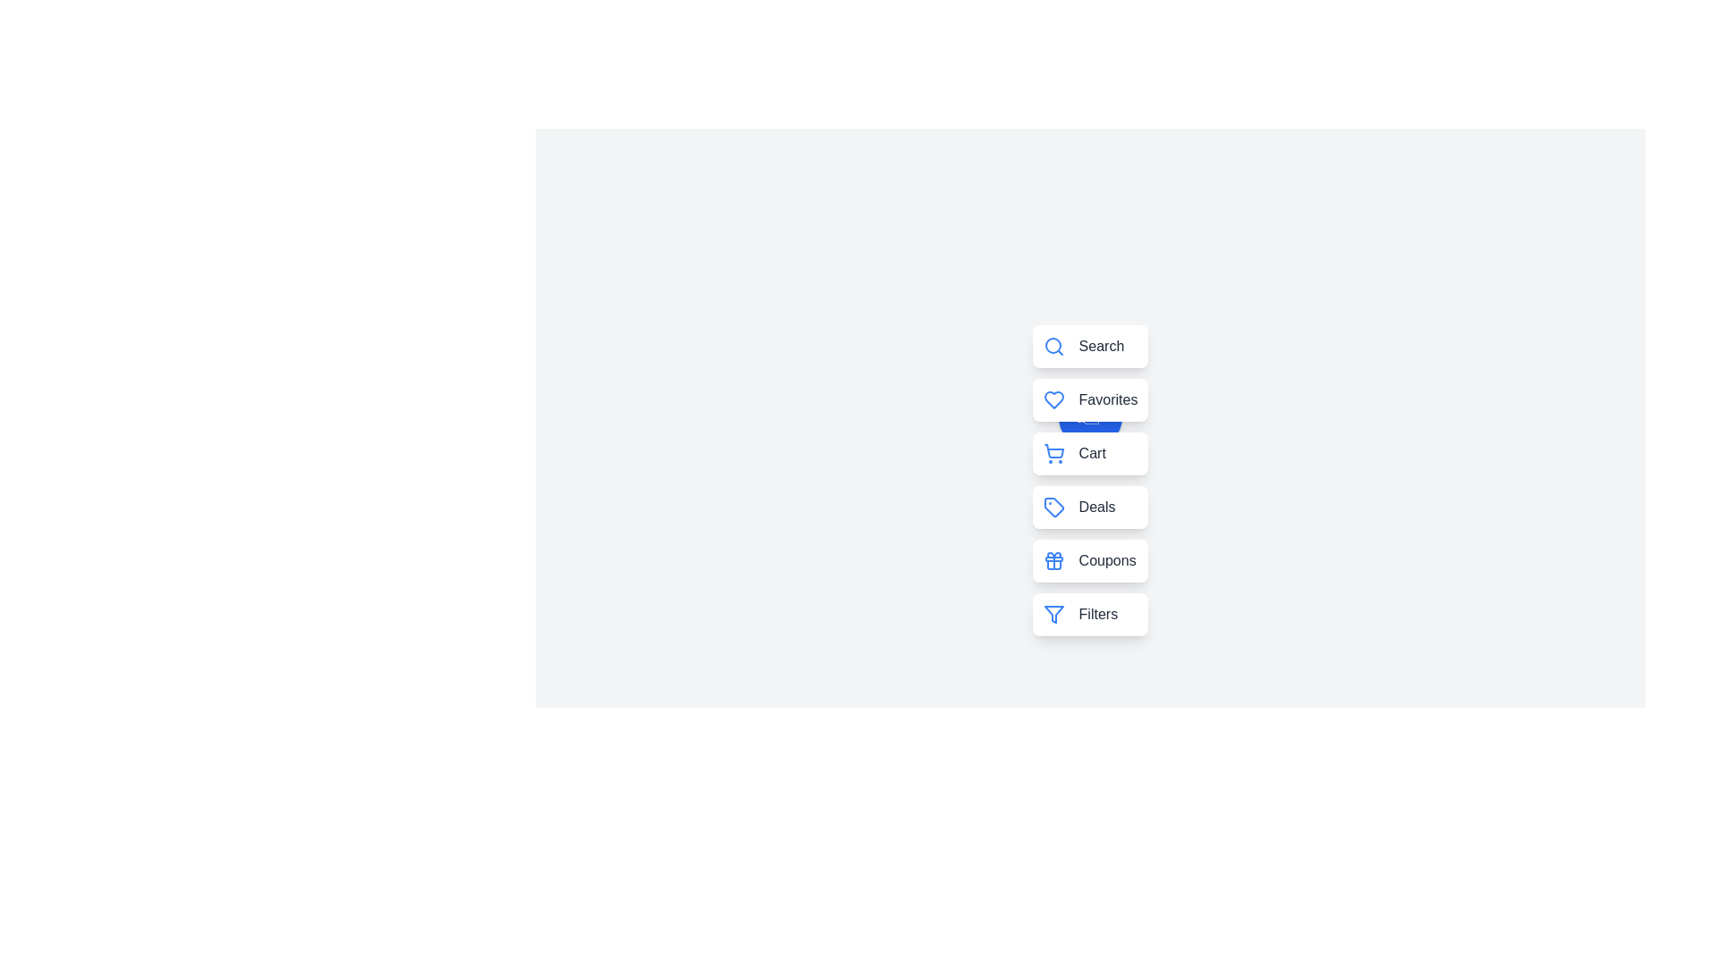 Image resolution: width=1717 pixels, height=965 pixels. What do you see at coordinates (1091, 453) in the screenshot?
I see `the label indicating the user's cart or shopping basket functionality, which is the third item in the vertical list of buttons below 'Favorites' and above 'Deals'` at bounding box center [1091, 453].